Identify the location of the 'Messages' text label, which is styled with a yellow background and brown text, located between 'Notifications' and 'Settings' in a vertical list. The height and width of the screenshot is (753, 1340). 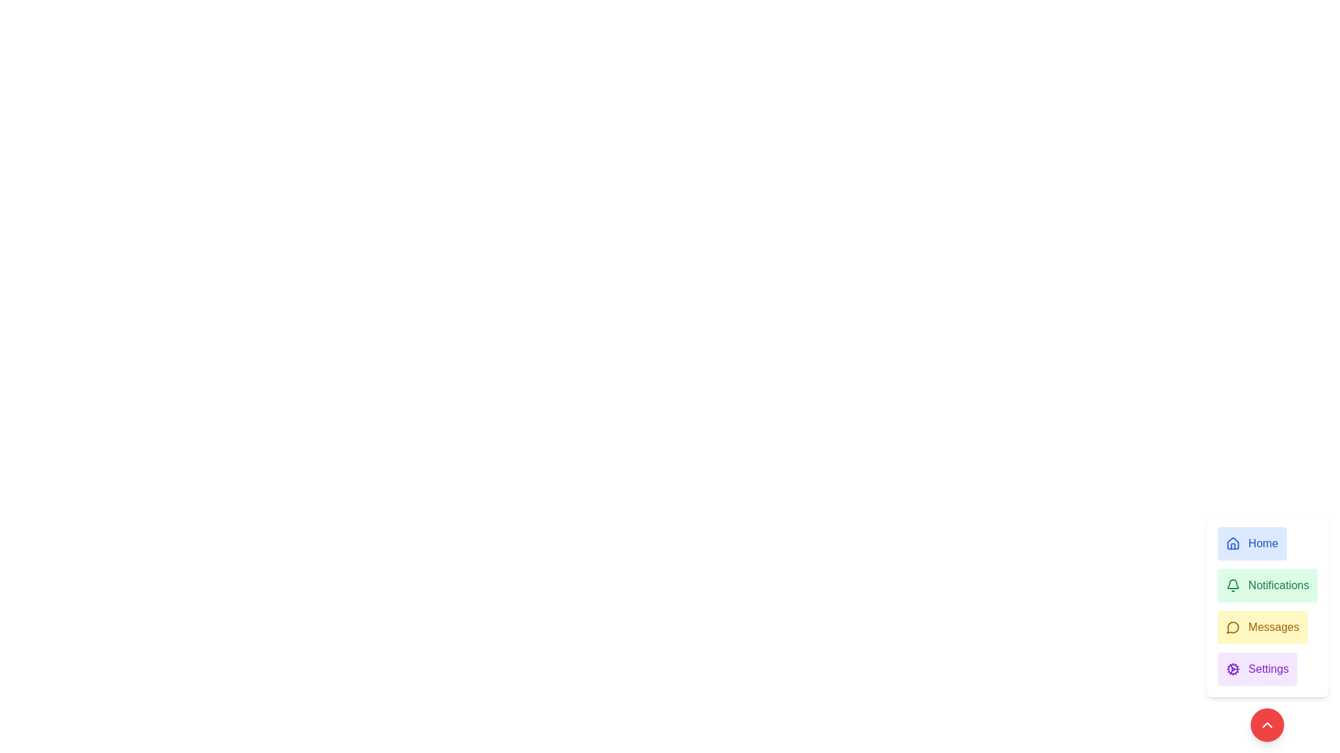
(1274, 626).